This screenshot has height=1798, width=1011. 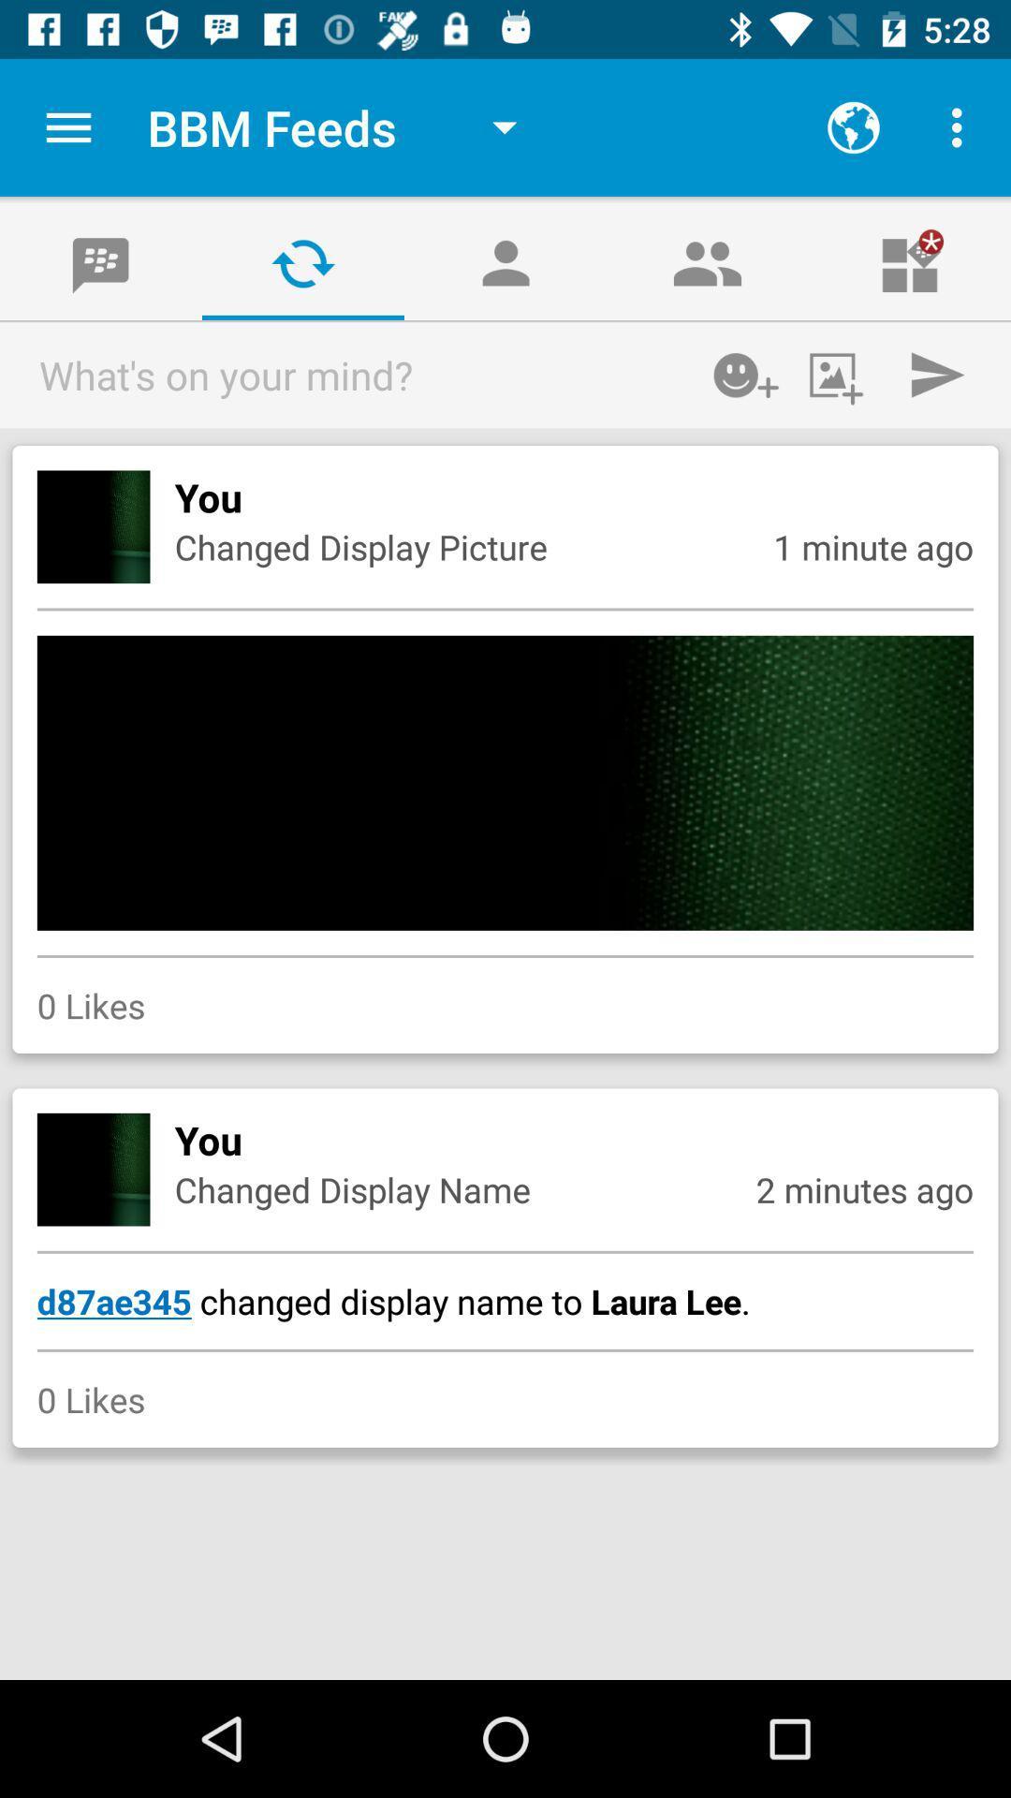 What do you see at coordinates (708, 262) in the screenshot?
I see `the group icon` at bounding box center [708, 262].